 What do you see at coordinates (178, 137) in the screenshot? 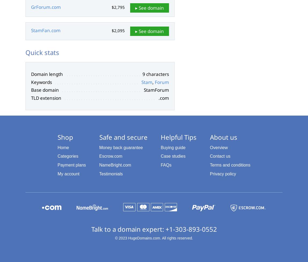
I see `'Helpful Tips'` at bounding box center [178, 137].